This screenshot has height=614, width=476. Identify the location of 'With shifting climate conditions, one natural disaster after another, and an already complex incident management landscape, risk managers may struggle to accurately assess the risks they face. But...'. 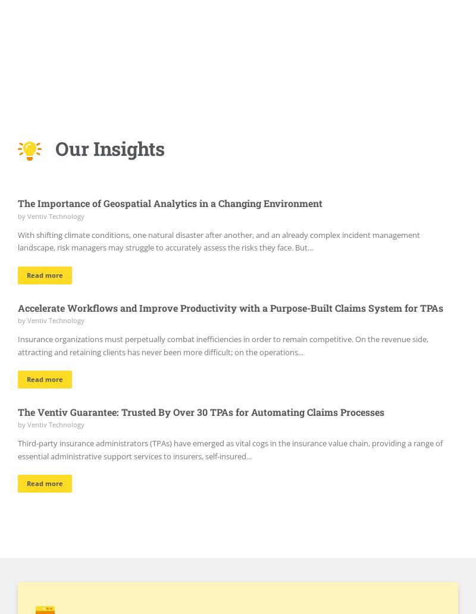
(218, 240).